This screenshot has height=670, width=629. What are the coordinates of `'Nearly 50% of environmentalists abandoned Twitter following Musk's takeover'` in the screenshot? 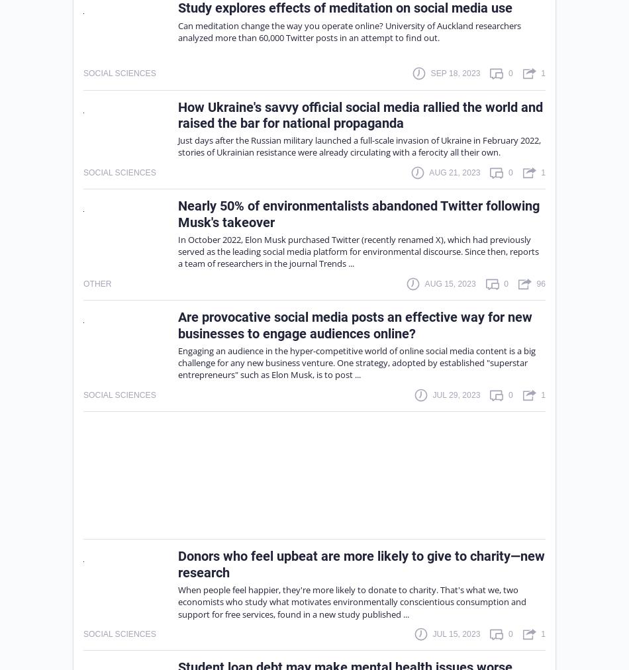 It's located at (358, 213).